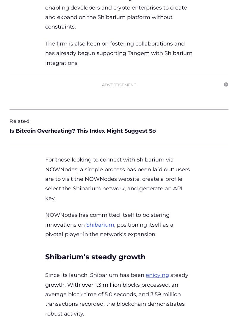  I want to click on 'enjoying', so click(157, 275).